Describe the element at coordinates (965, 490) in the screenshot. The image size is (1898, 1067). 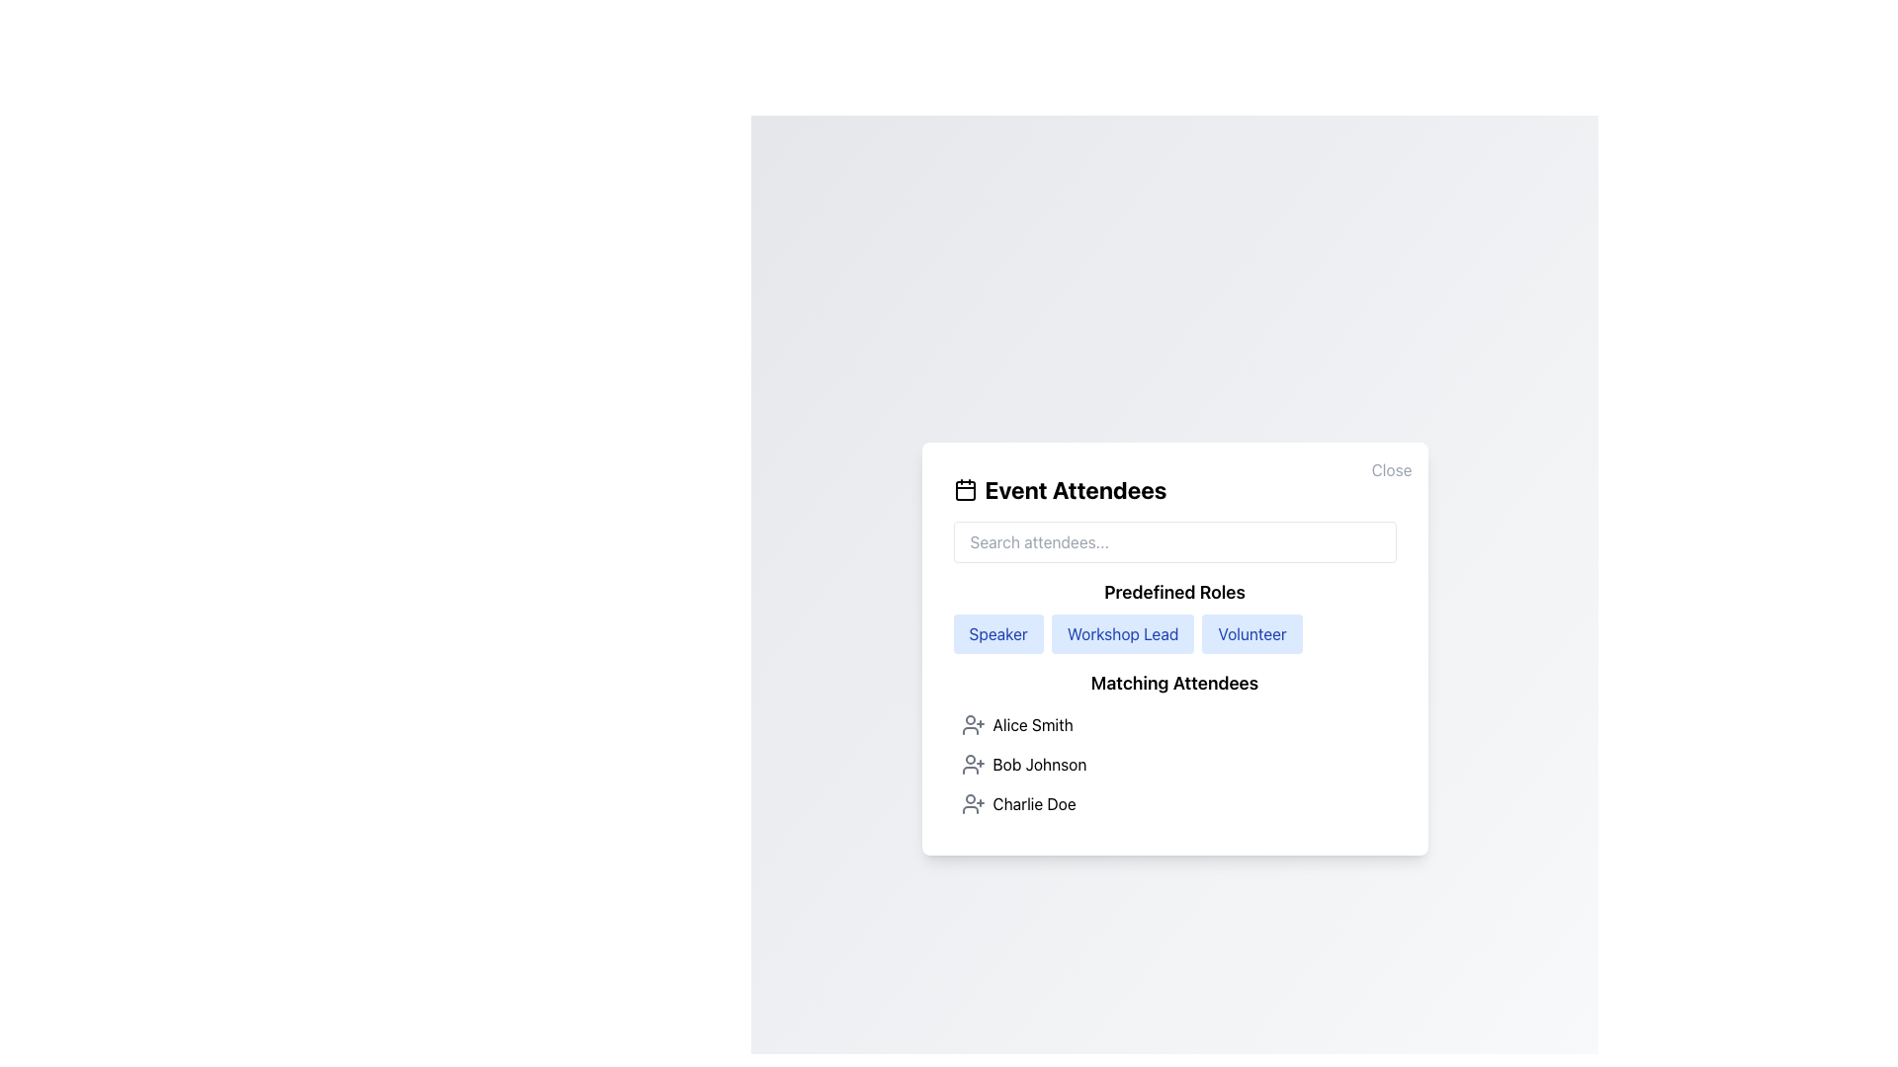
I see `the calendar icon component, which represents event scheduling` at that location.